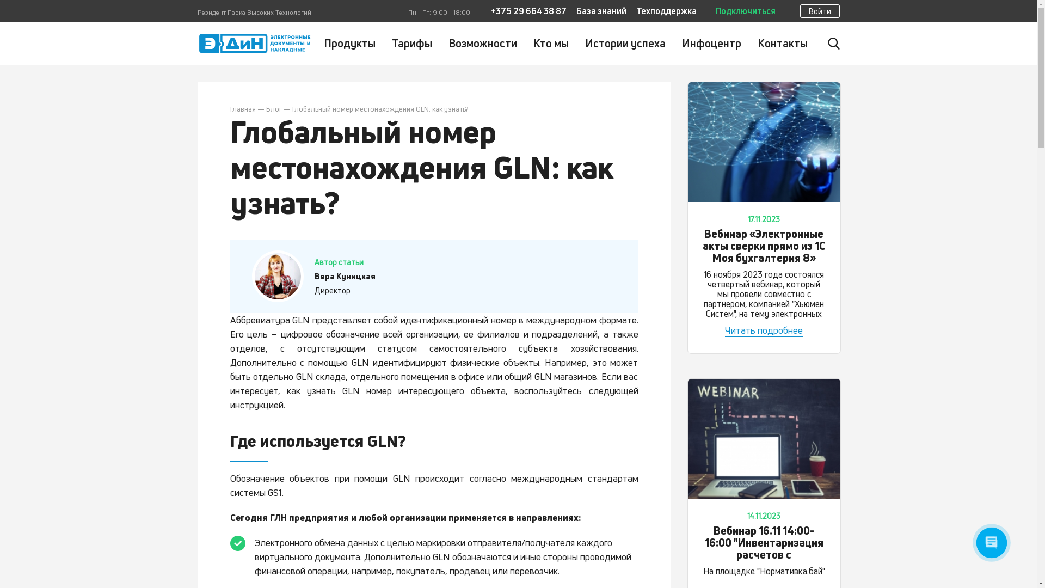  What do you see at coordinates (528, 11) in the screenshot?
I see `'+375 29 664 38 87'` at bounding box center [528, 11].